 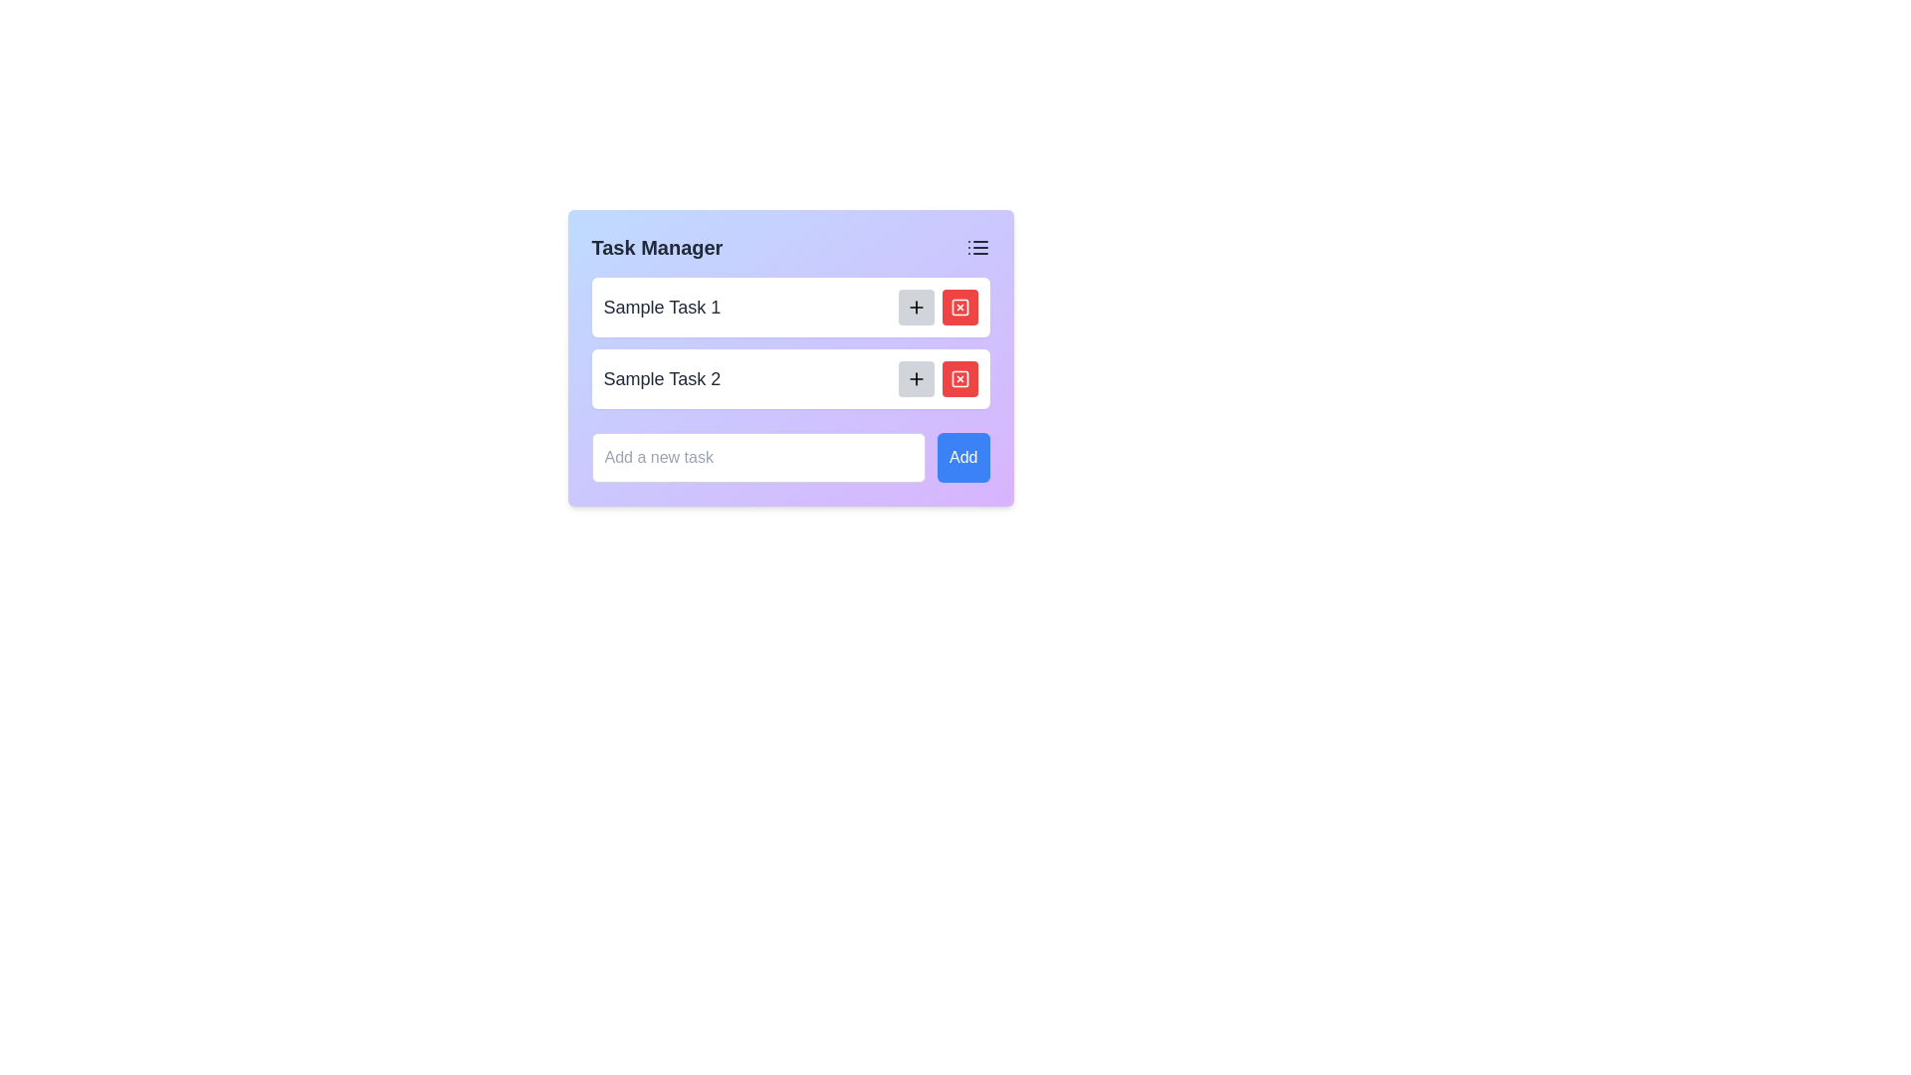 I want to click on the add or increase action button icon located at the top of the list, so click(x=915, y=307).